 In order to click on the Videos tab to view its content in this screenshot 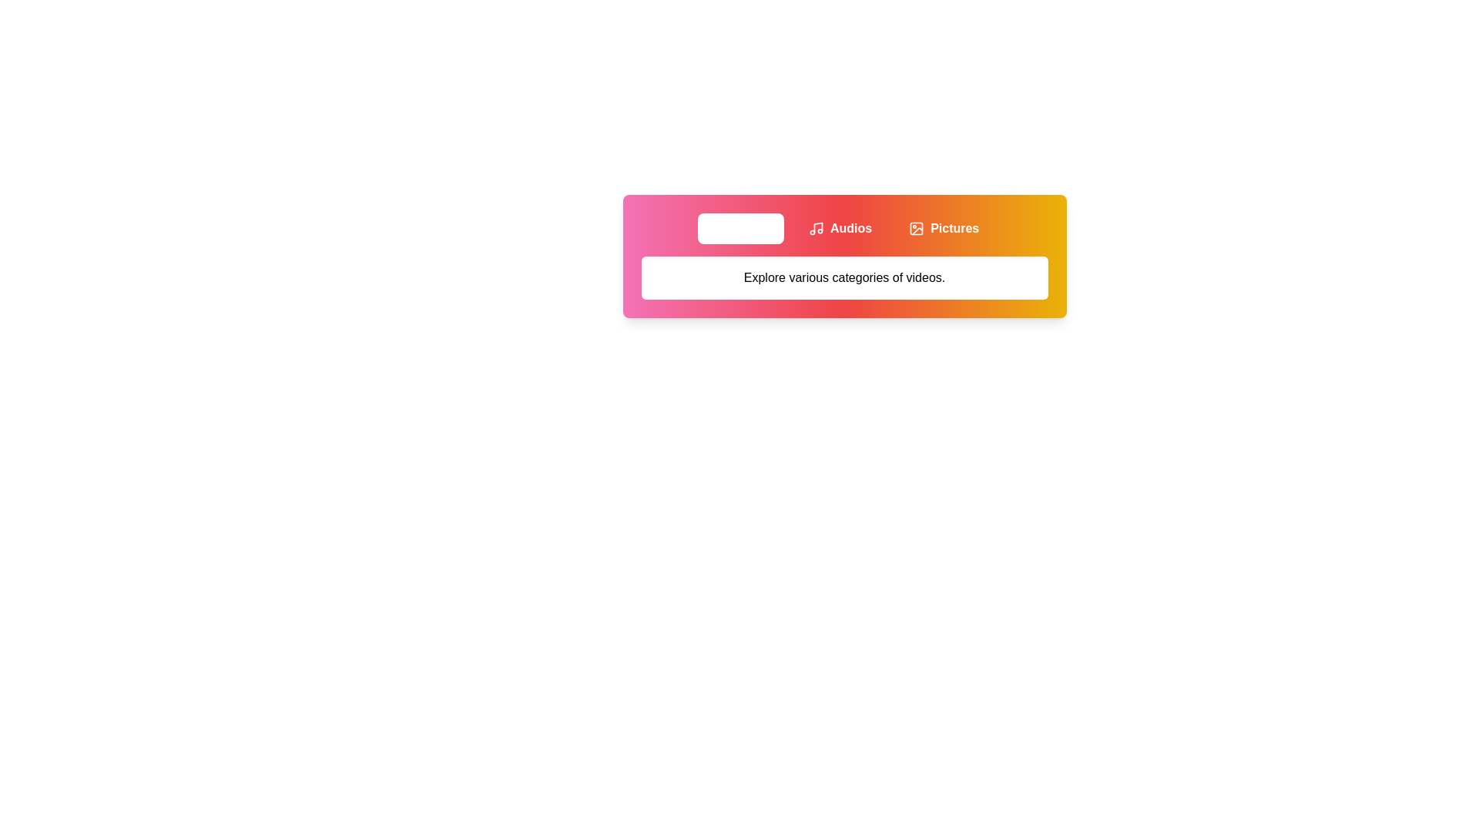, I will do `click(740, 229)`.